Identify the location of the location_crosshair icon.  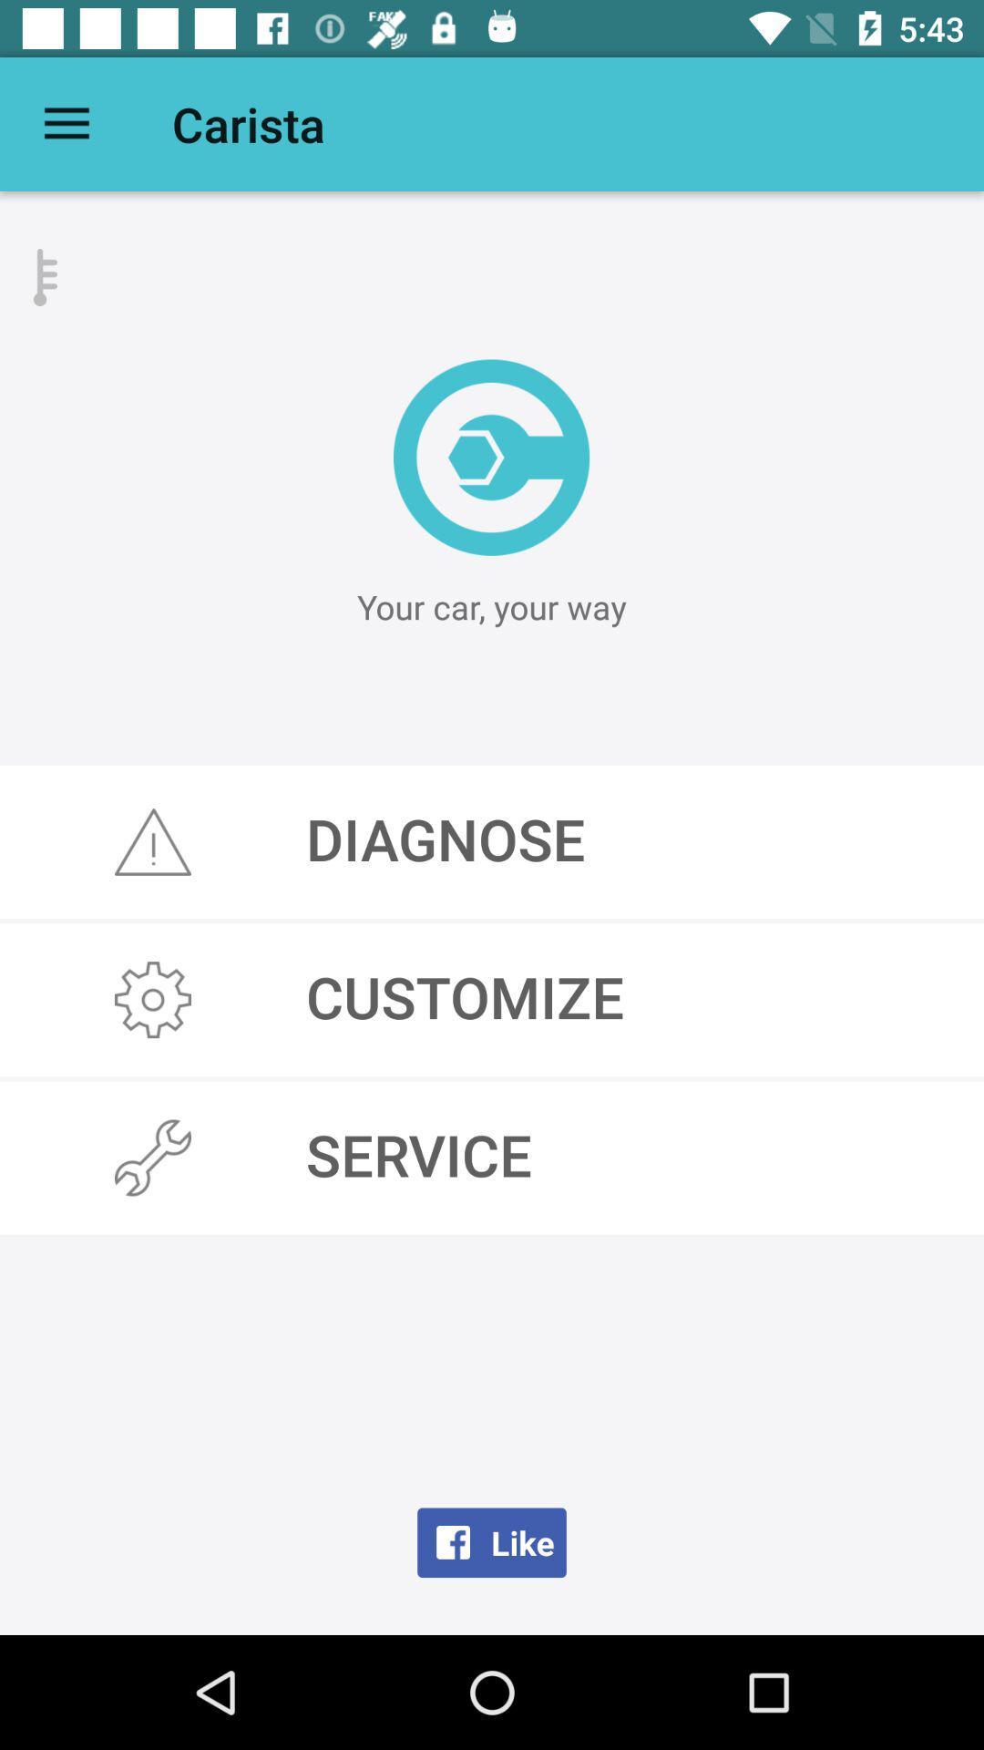
(490, 458).